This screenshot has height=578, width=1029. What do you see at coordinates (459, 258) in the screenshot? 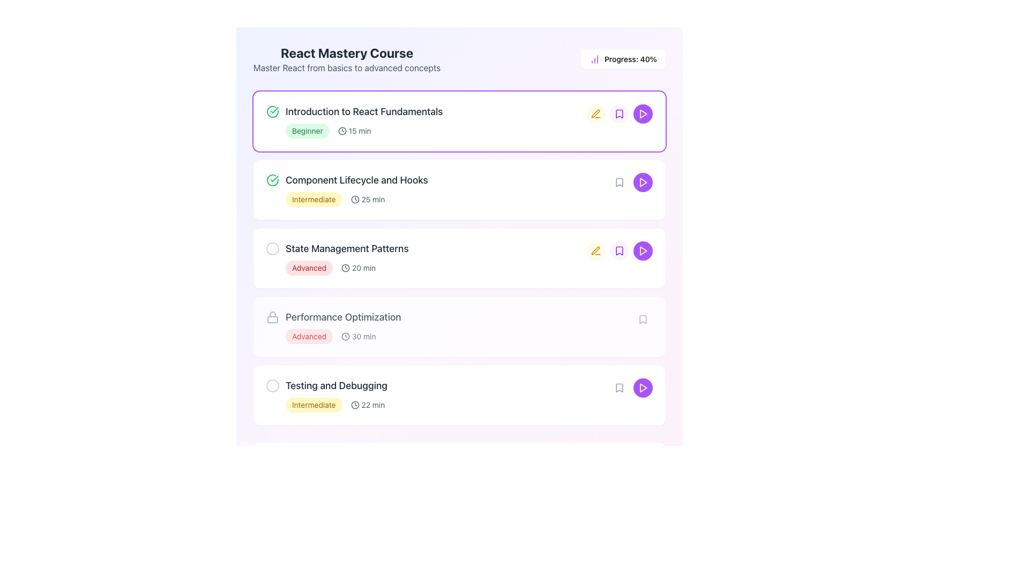
I see `the 'State Management Patterns' card, which is the third card in the list of learning topics` at bounding box center [459, 258].